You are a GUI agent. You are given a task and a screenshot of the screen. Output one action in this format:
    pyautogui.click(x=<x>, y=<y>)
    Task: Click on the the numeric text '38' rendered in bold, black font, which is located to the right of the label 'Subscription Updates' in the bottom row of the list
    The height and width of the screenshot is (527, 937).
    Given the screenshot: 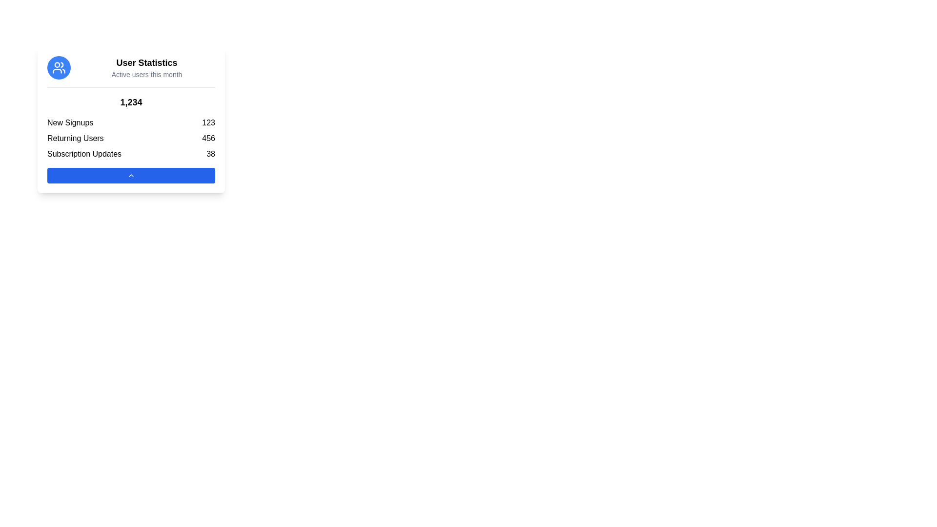 What is the action you would take?
    pyautogui.click(x=210, y=154)
    